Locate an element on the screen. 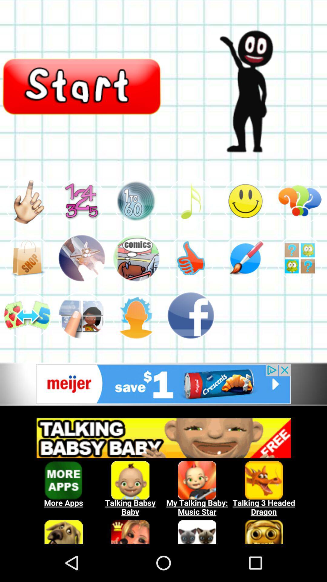 The image size is (327, 582). item is located at coordinates (82, 315).